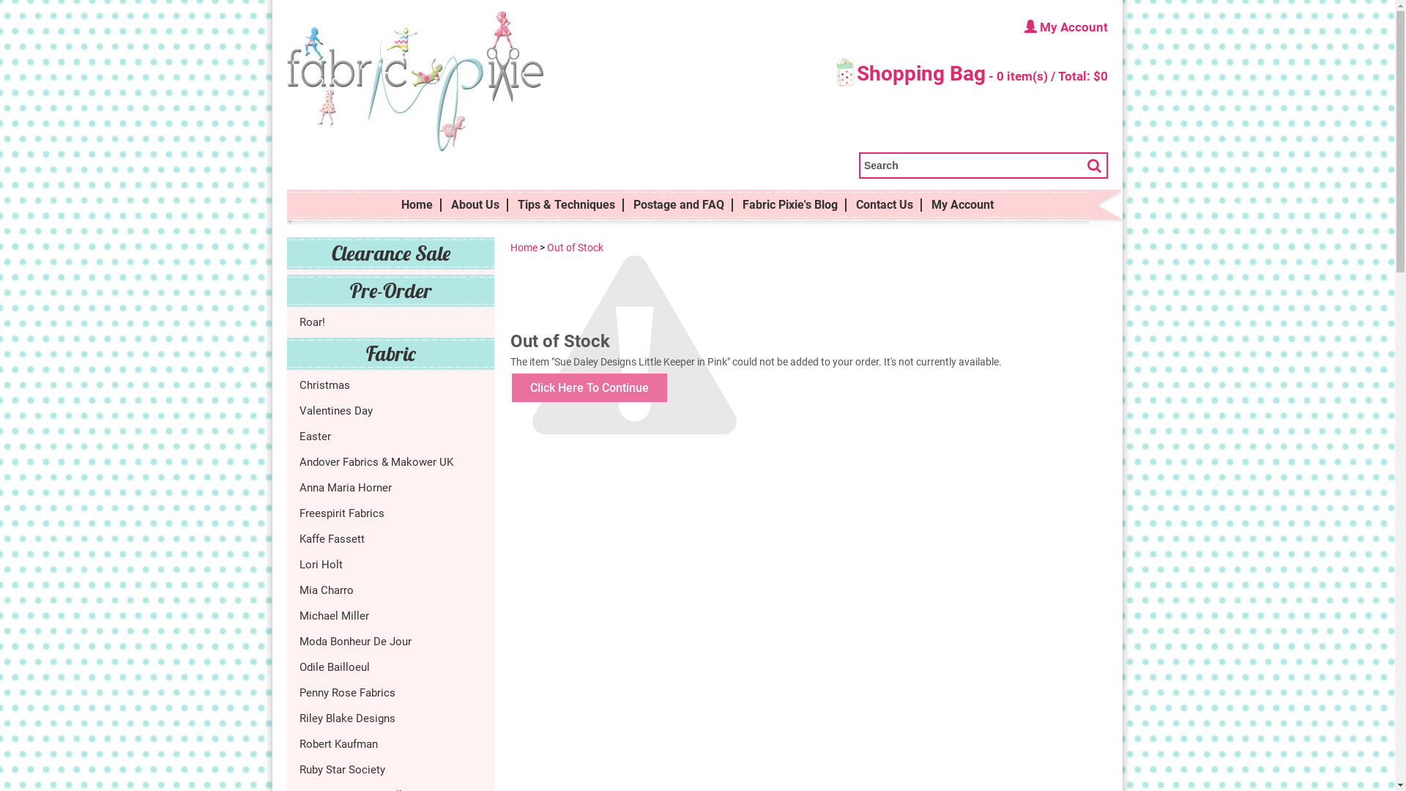  Describe the element at coordinates (390, 743) in the screenshot. I see `'Robert Kaufman'` at that location.